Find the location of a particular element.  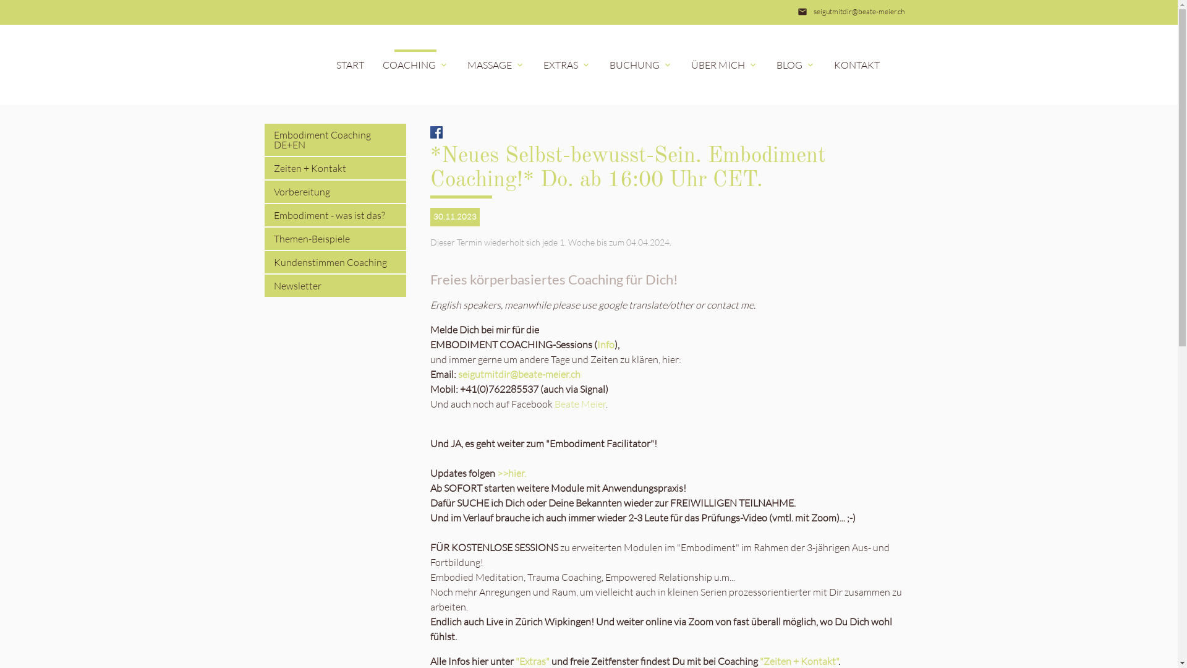

'>>hier.' is located at coordinates (511, 473).